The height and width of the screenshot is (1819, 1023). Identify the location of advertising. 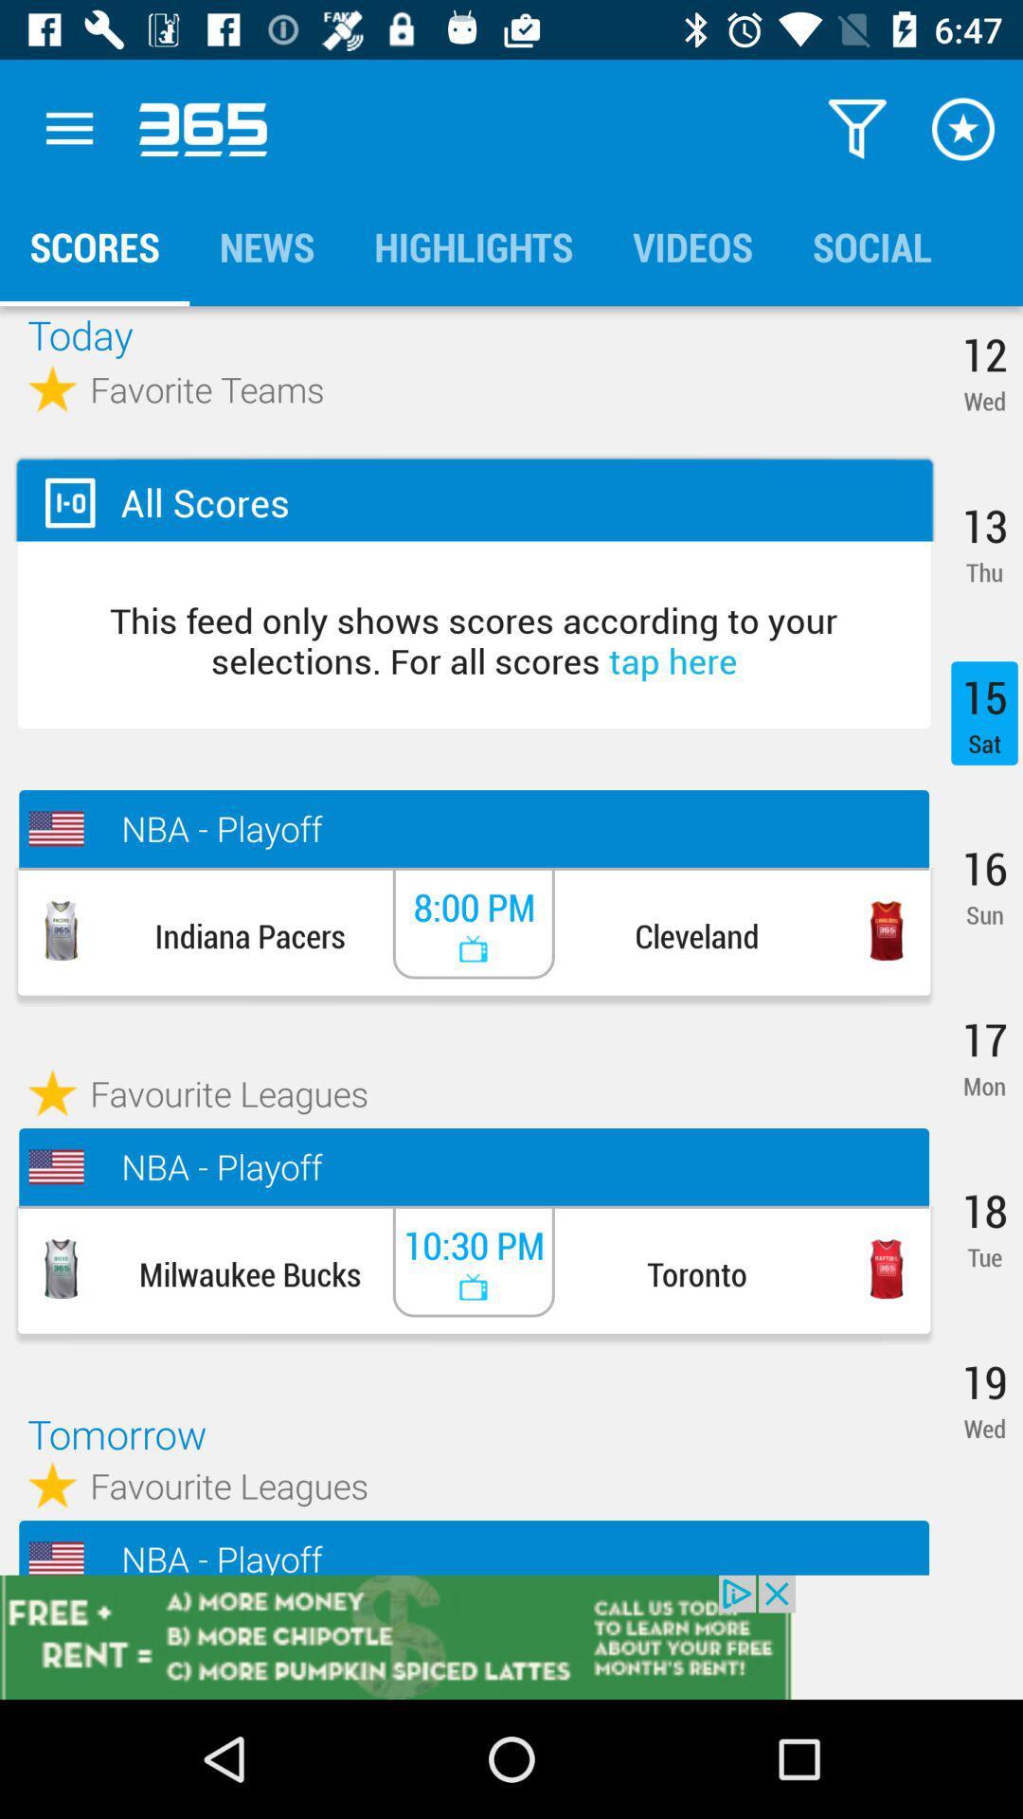
(511, 1636).